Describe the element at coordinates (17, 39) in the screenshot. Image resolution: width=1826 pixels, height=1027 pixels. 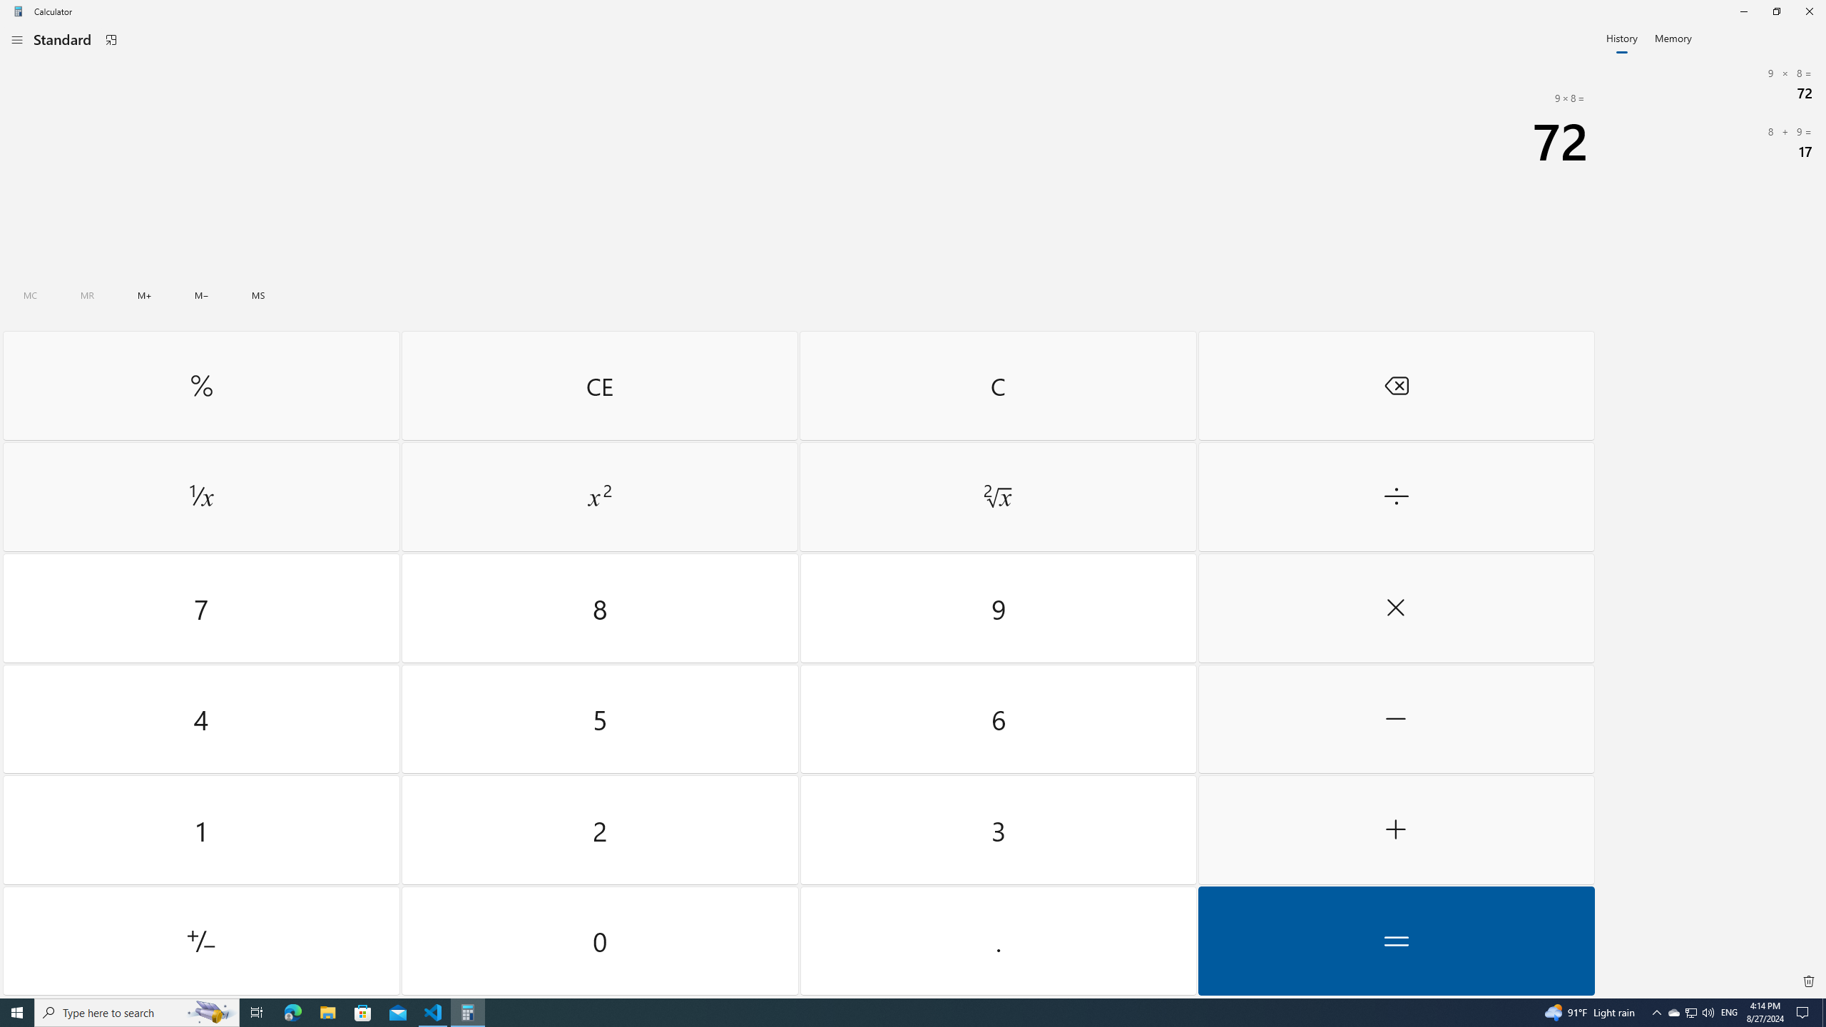
I see `'Open Navigation'` at that location.